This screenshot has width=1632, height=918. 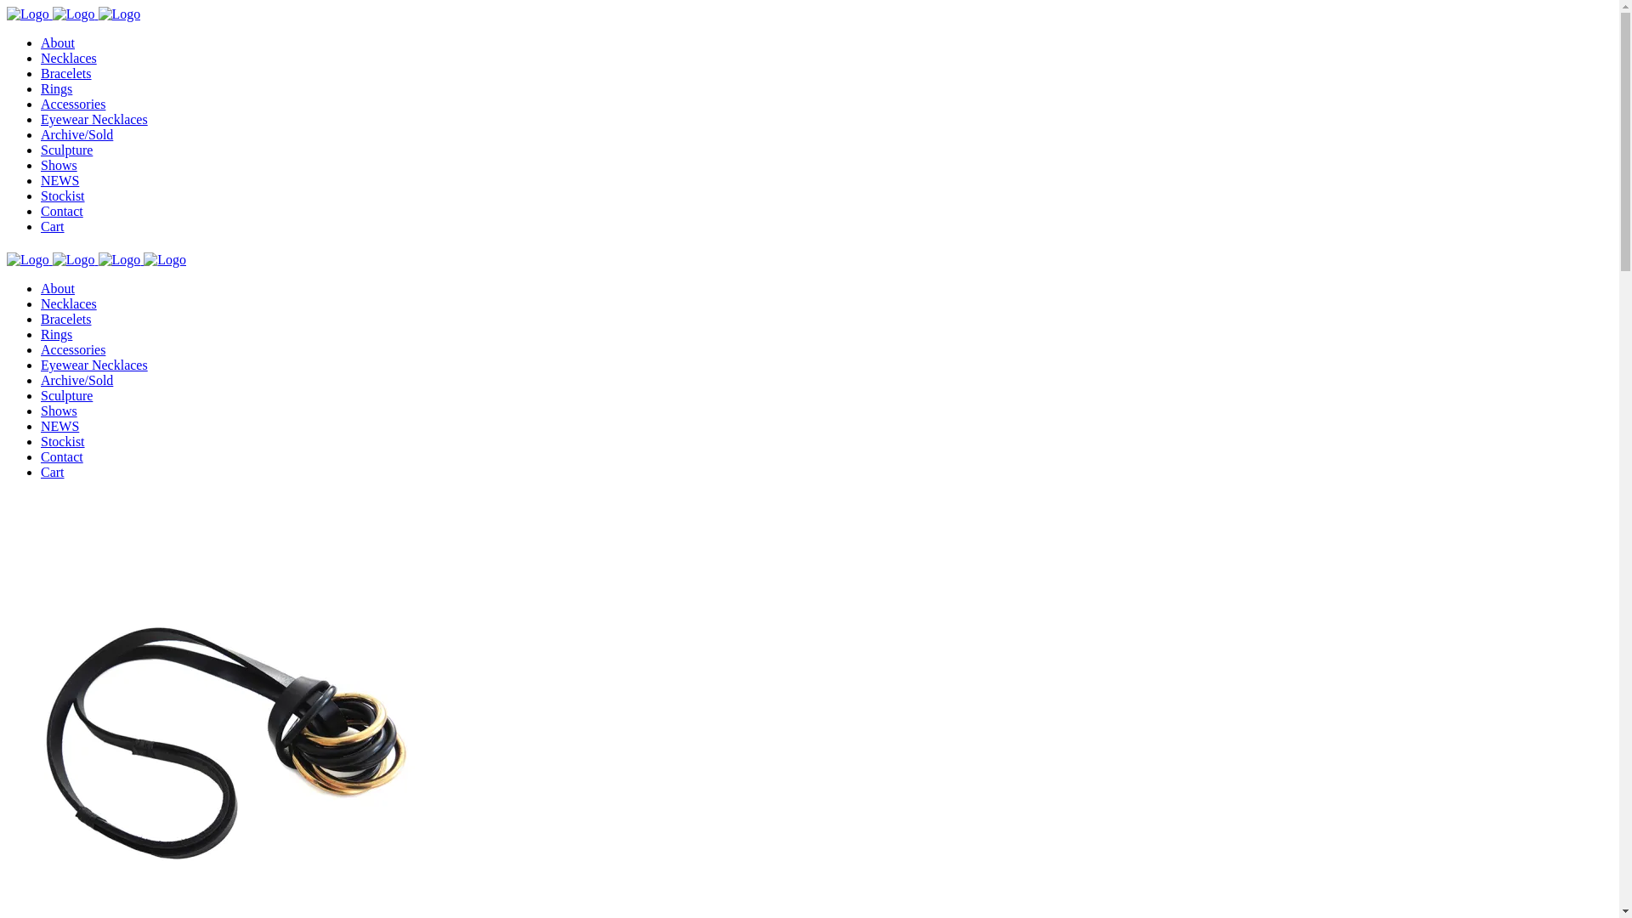 What do you see at coordinates (41, 319) in the screenshot?
I see `'Bracelets'` at bounding box center [41, 319].